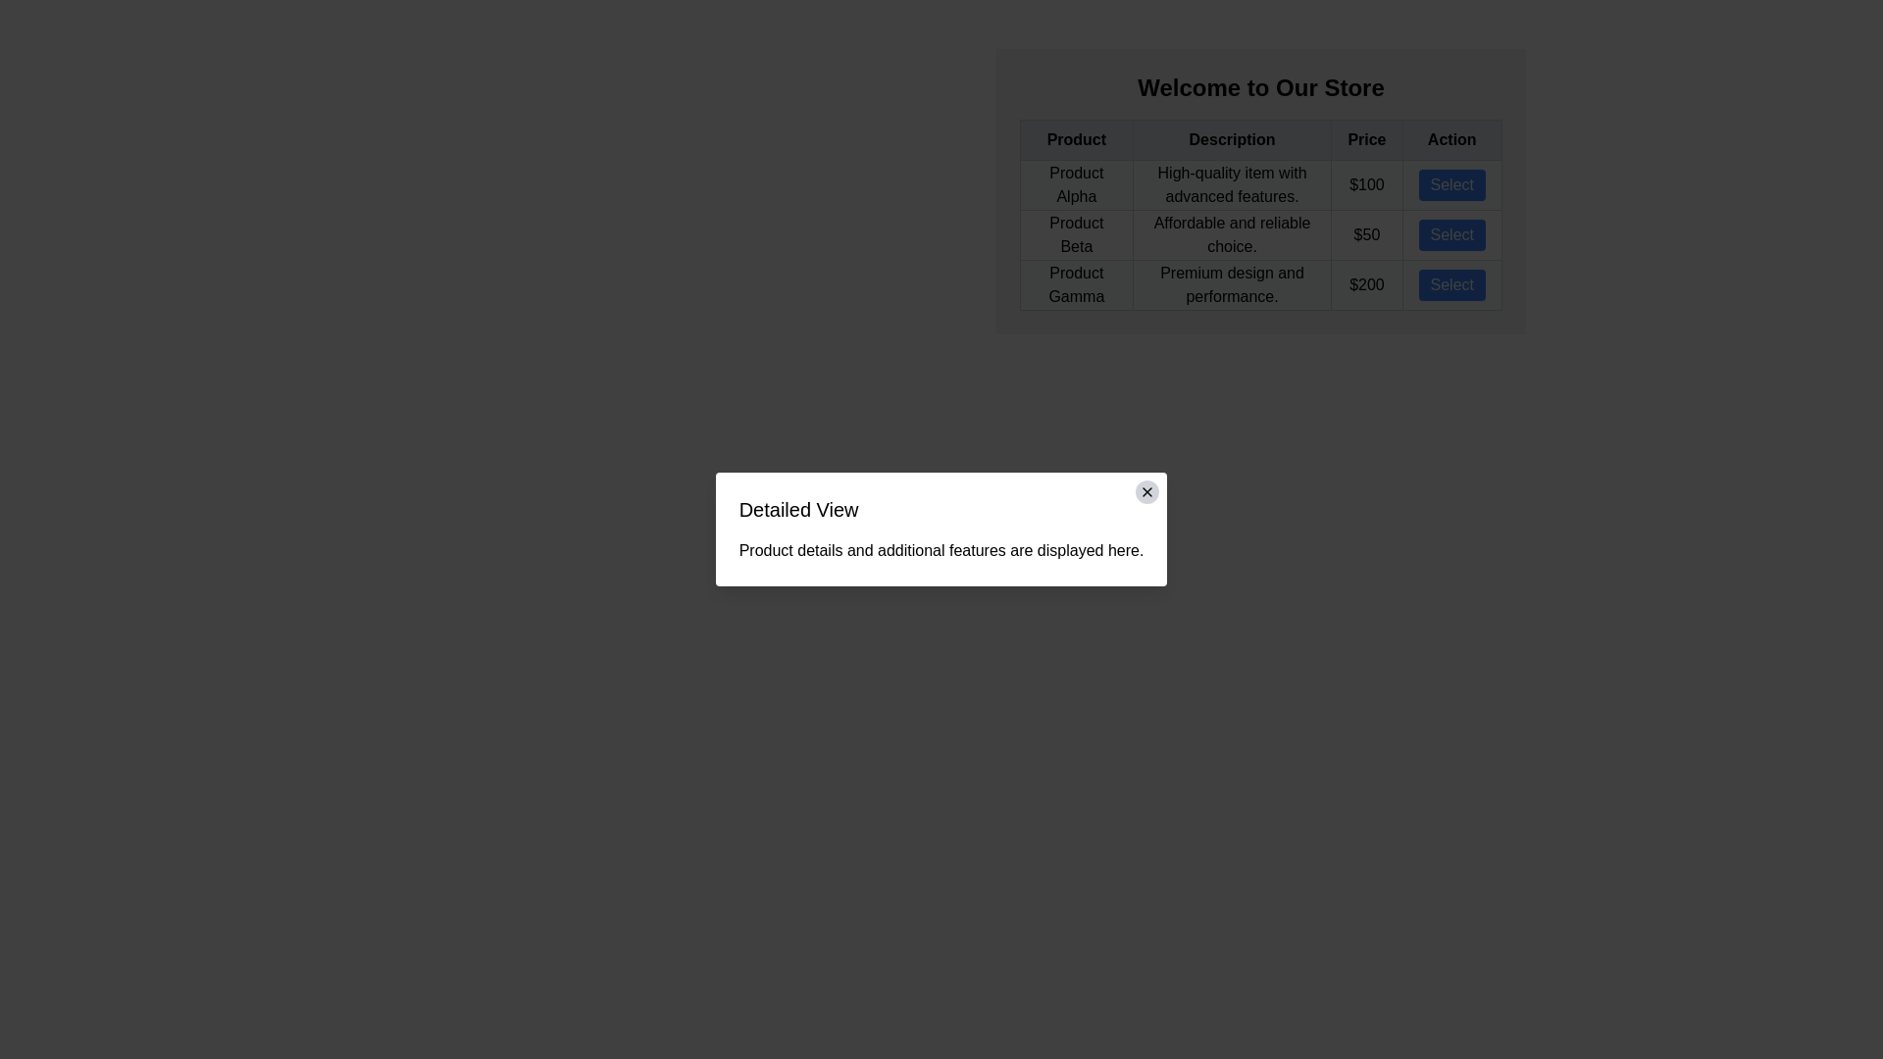  Describe the element at coordinates (1075, 185) in the screenshot. I see `the text label element displaying 'Product Alpha', which is the first cell in the row under the column titled 'Product'` at that location.